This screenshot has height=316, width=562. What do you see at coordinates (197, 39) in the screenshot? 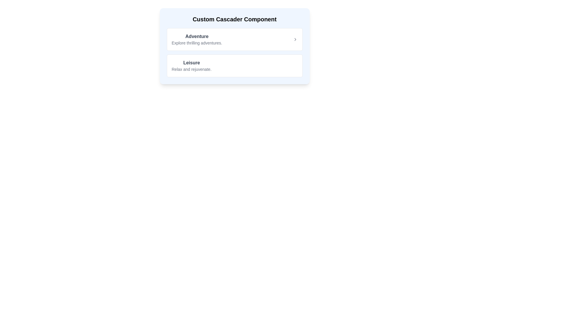
I see `the text block displaying the header 'Adventure' and the description 'Explore thrilling adventures.'` at bounding box center [197, 39].